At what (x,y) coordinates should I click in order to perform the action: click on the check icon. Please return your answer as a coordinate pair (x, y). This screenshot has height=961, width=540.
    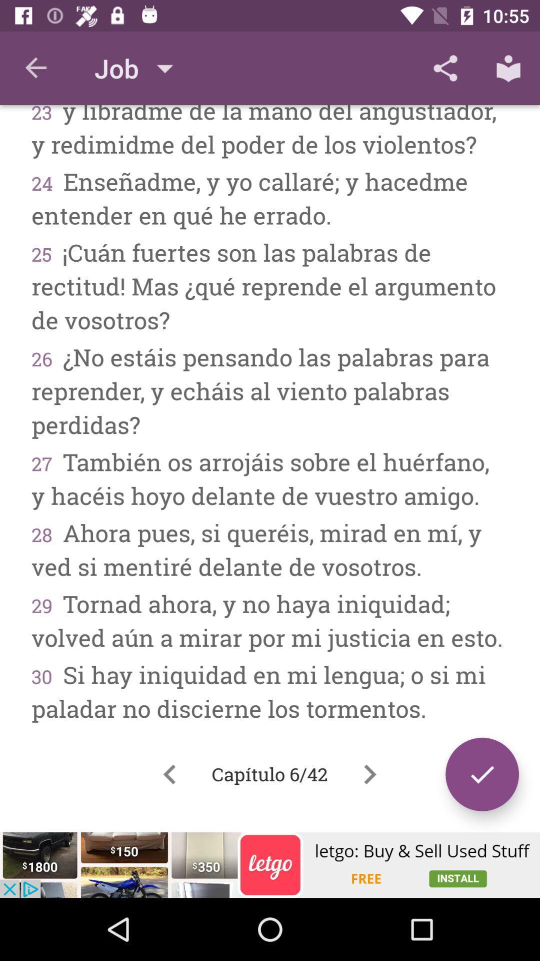
    Looking at the image, I should click on (481, 774).